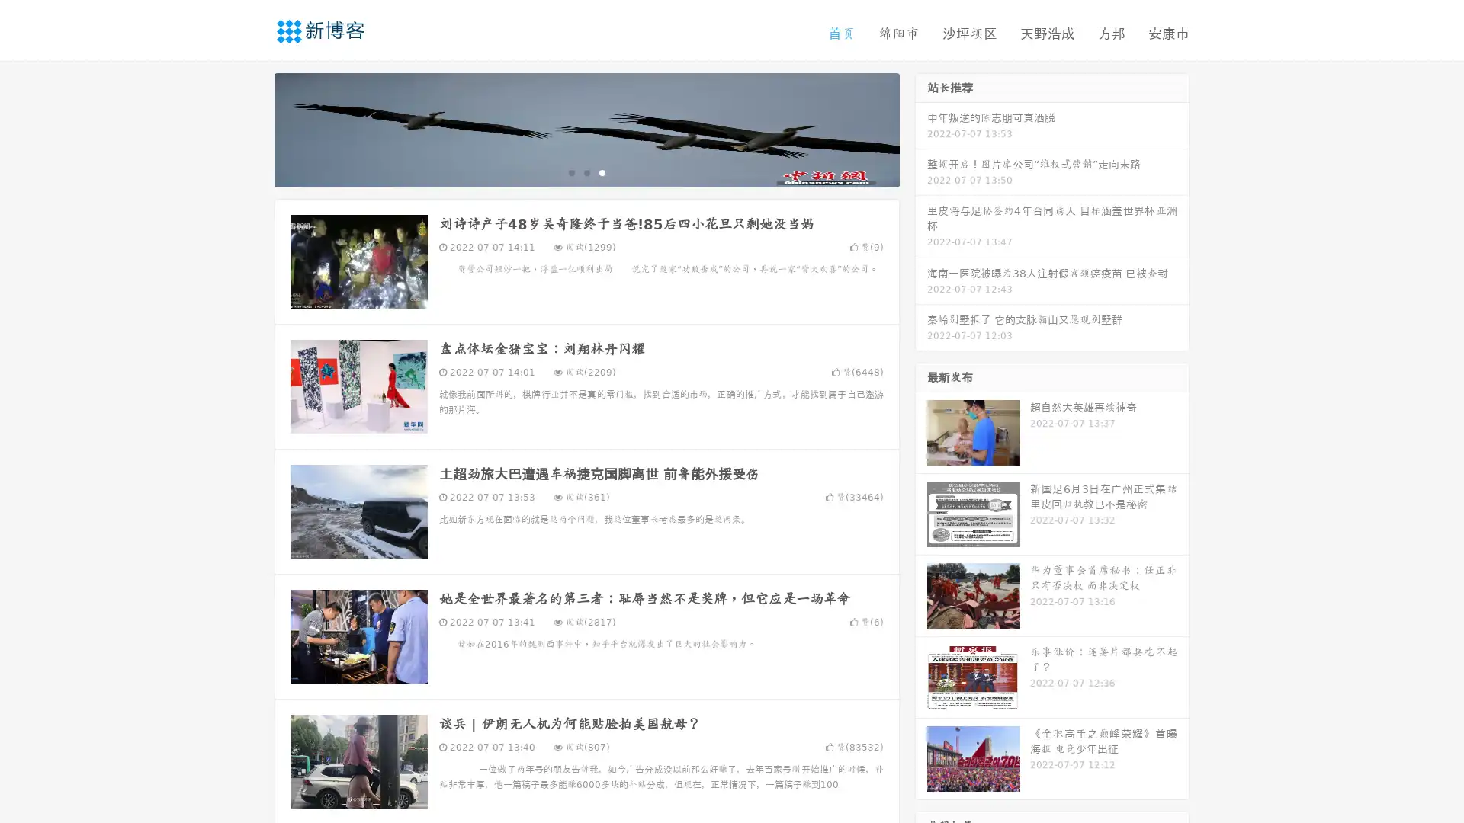 The height and width of the screenshot is (823, 1464). What do you see at coordinates (252, 128) in the screenshot?
I see `Previous slide` at bounding box center [252, 128].